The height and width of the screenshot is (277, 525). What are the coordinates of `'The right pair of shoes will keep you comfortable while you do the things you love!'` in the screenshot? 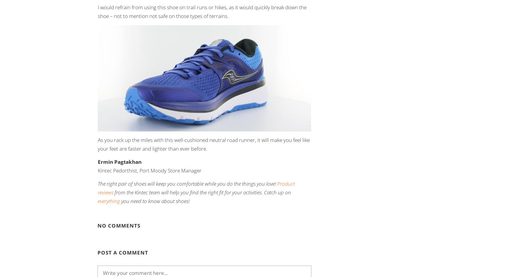 It's located at (187, 183).